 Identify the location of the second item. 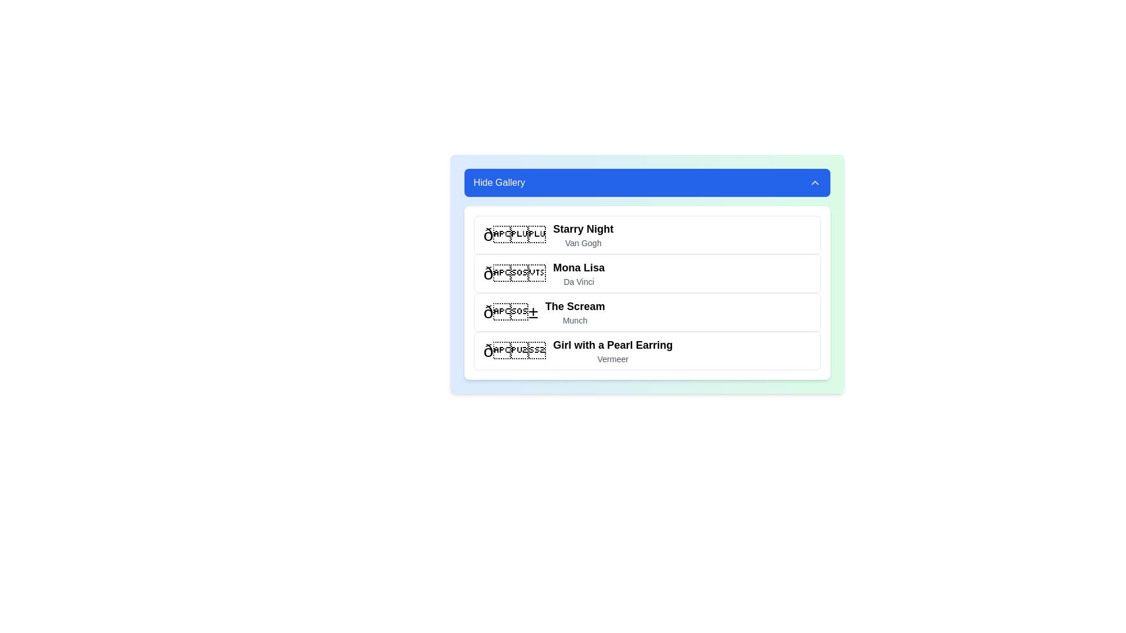
(646, 273).